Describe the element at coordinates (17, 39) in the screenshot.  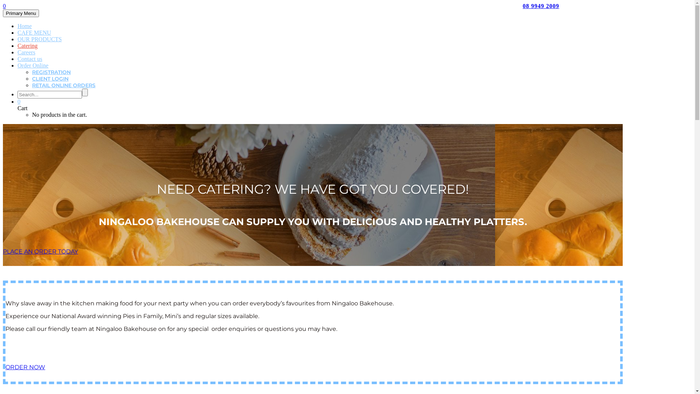
I see `'OUR PRODUCTS'` at that location.